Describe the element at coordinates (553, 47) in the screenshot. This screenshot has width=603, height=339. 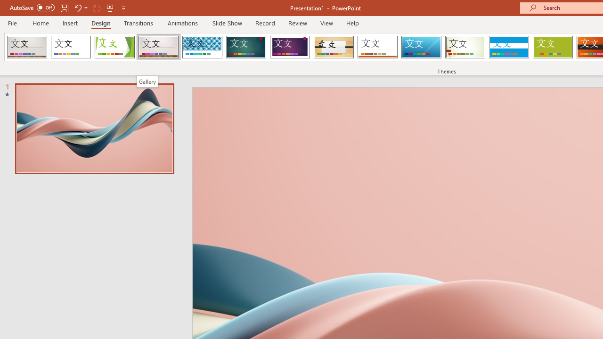
I see `'Basis'` at that location.